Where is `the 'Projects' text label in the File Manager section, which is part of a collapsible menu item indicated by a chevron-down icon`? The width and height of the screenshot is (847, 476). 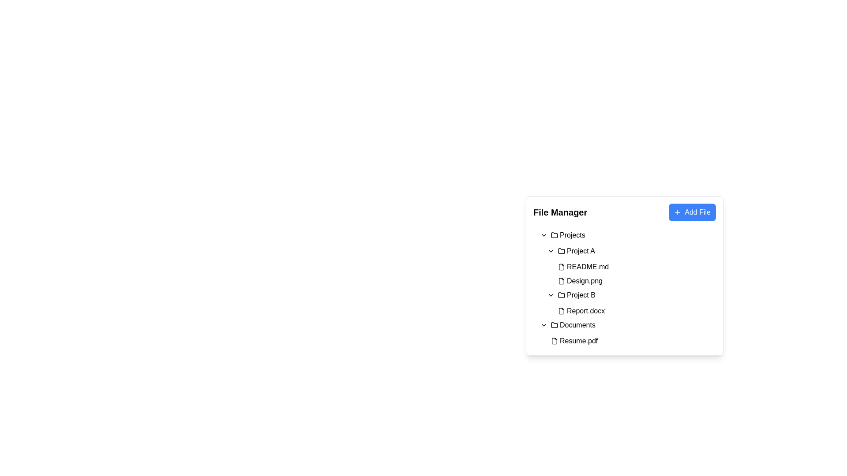 the 'Projects' text label in the File Manager section, which is part of a collapsible menu item indicated by a chevron-down icon is located at coordinates (568, 234).